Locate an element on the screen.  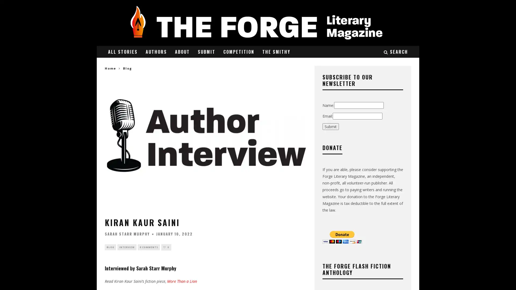
Submit is located at coordinates (330, 126).